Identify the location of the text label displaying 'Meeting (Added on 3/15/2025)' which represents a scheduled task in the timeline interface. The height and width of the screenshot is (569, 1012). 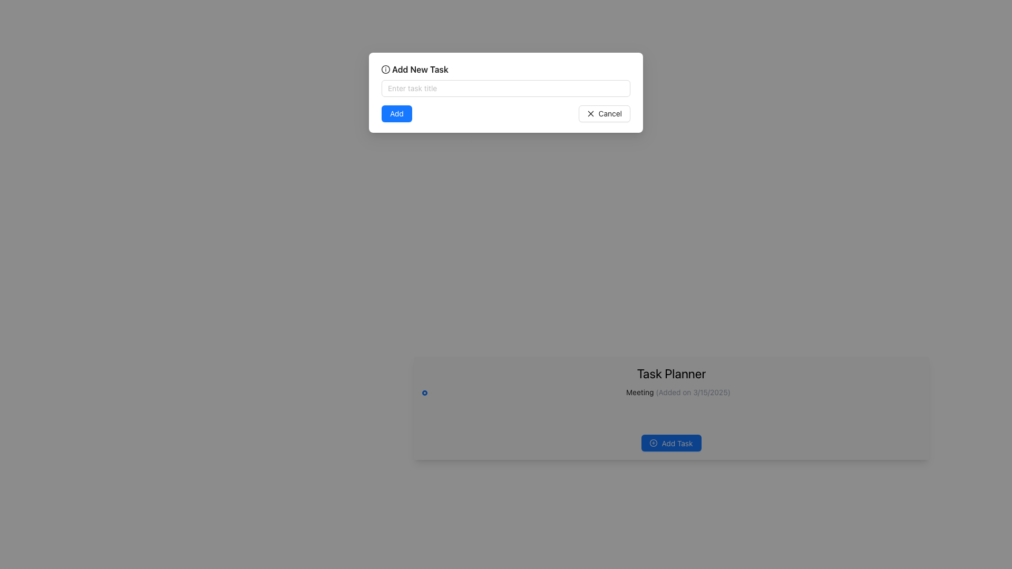
(639, 392).